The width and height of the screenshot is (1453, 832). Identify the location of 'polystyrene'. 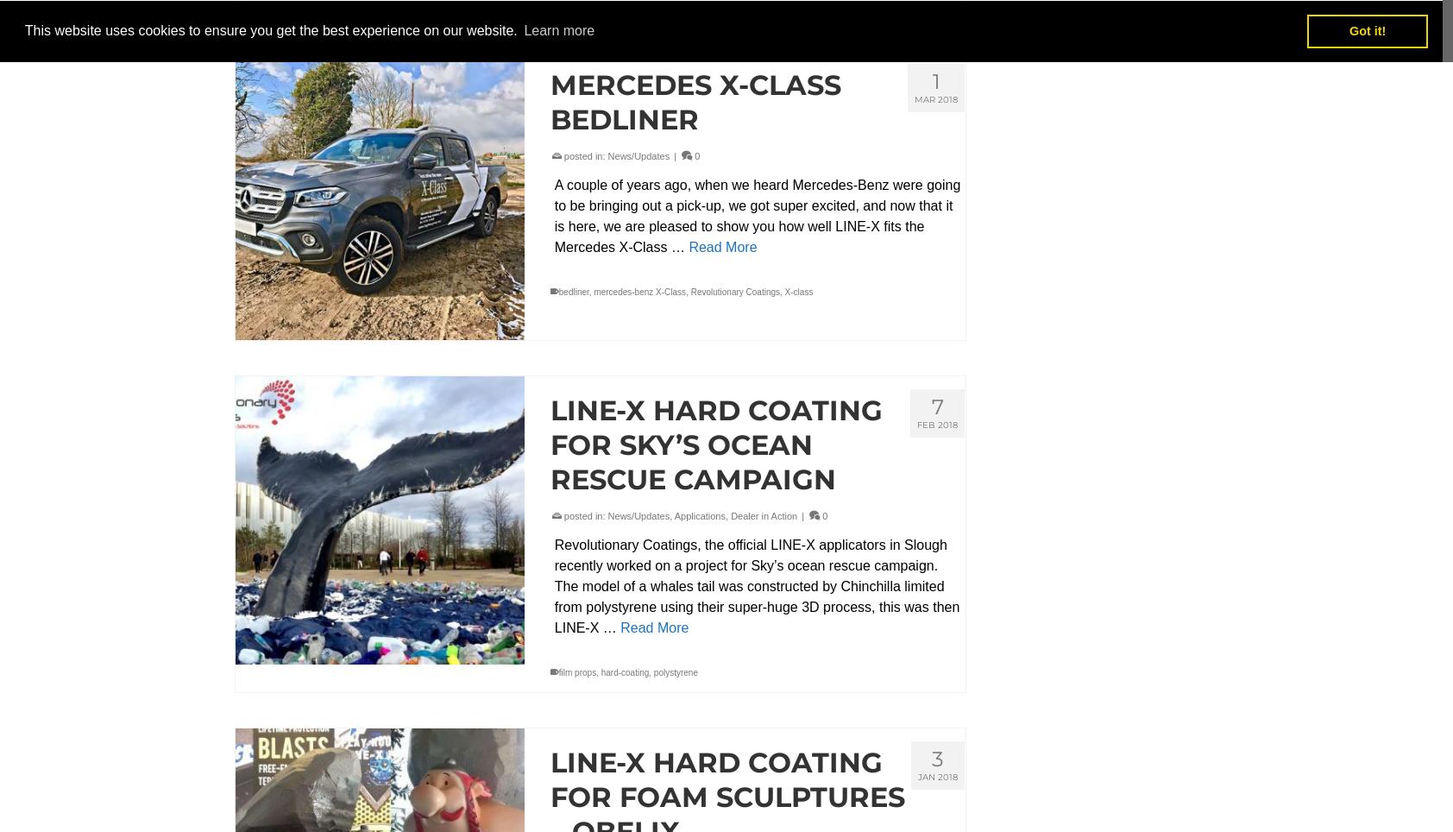
(676, 671).